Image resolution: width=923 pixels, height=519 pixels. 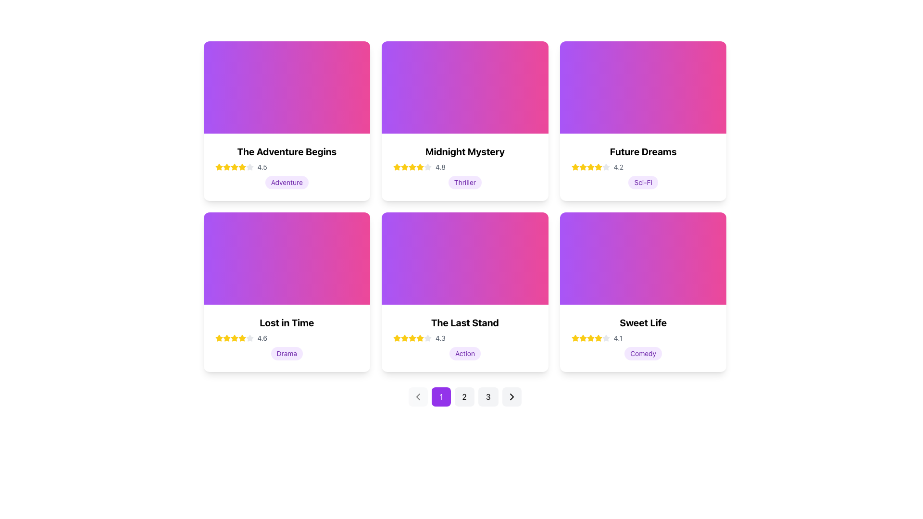 What do you see at coordinates (643, 183) in the screenshot?
I see `label of the unique purple 'Sci-Fi' badge located within the 'Future Dreams' card, positioned below the rating and stars` at bounding box center [643, 183].